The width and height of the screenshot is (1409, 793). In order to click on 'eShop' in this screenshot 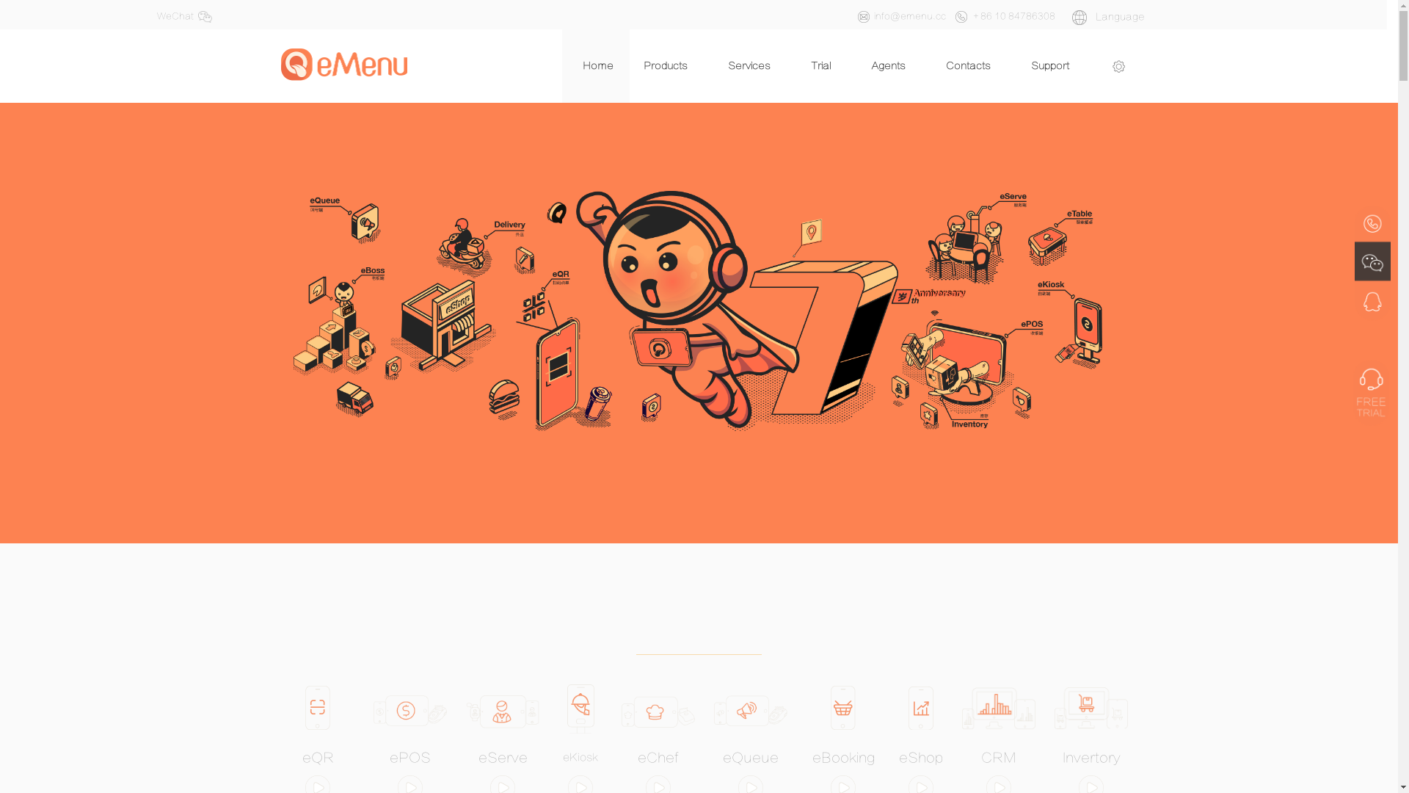, I will do `click(920, 756)`.